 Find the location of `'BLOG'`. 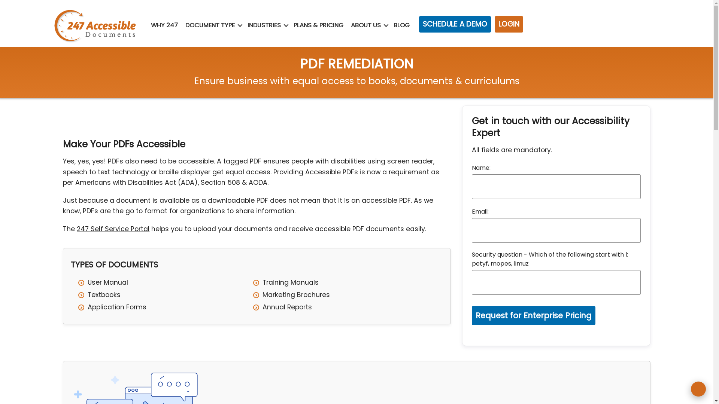

'BLOG' is located at coordinates (401, 25).